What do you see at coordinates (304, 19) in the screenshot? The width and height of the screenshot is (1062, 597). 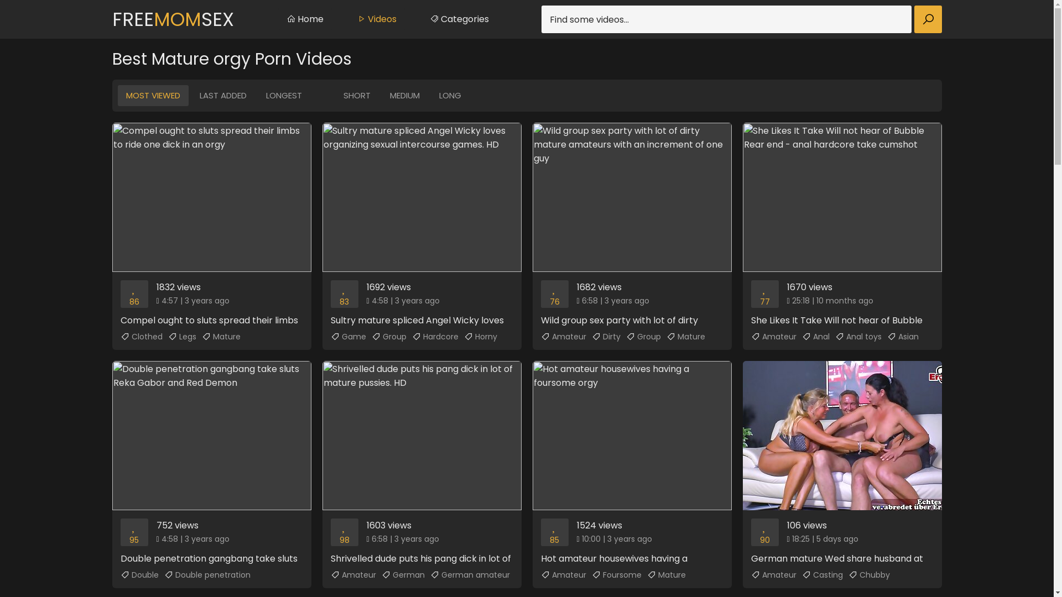 I see `'Home'` at bounding box center [304, 19].